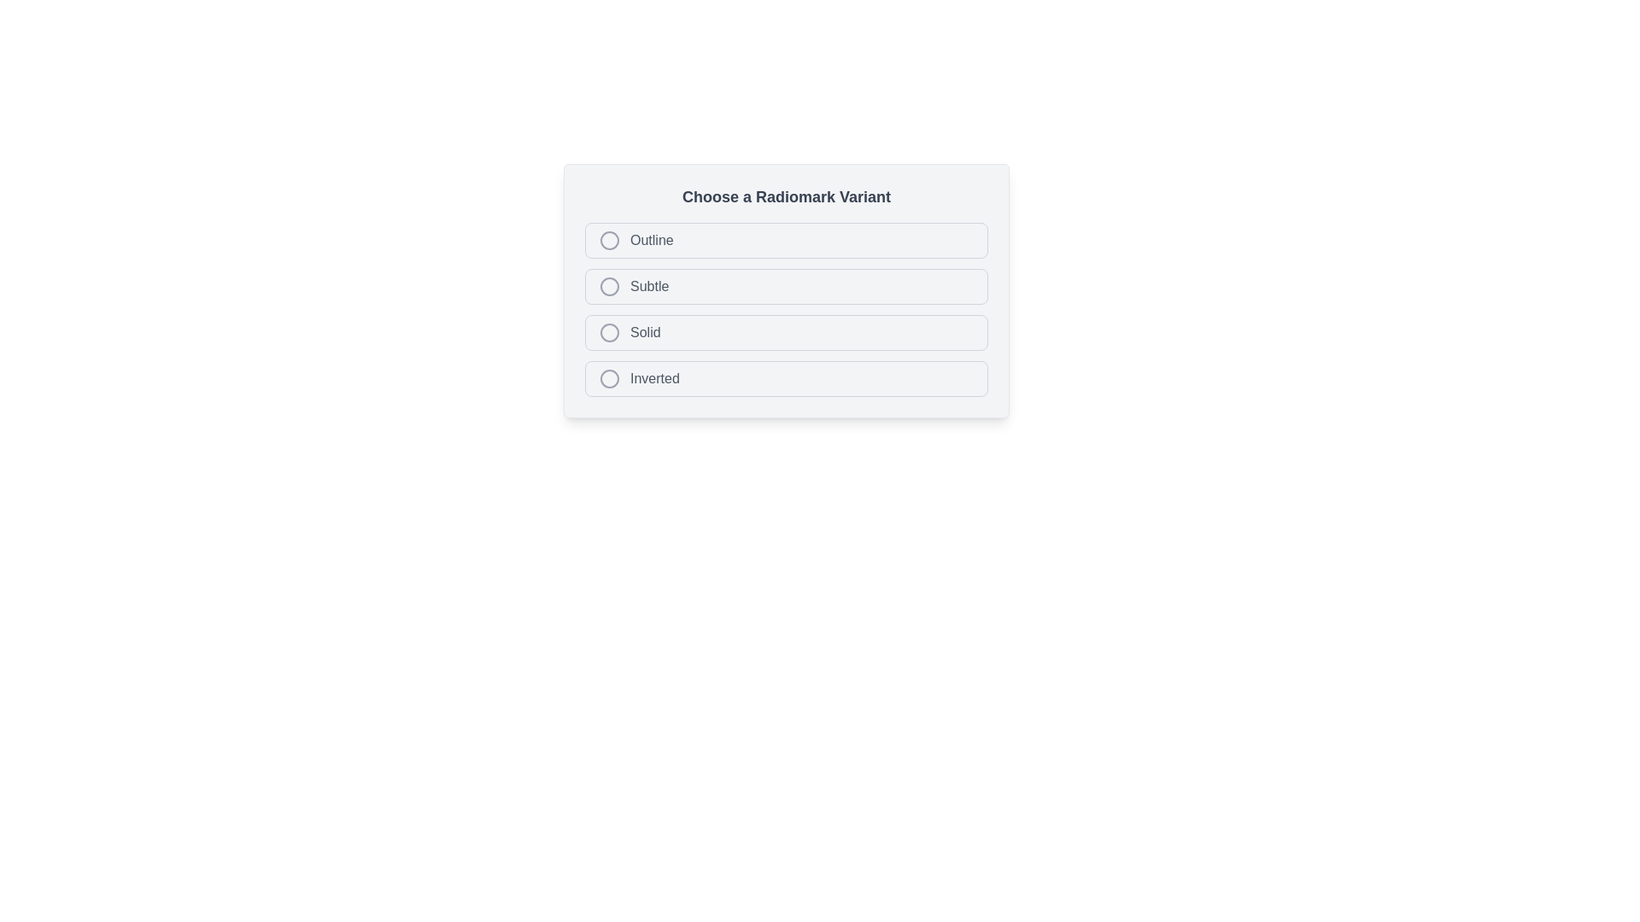 The height and width of the screenshot is (922, 1640). I want to click on the text label representing the first selectable option in the 'Choose a Radiomark Variant' form to trigger a visual effect, so click(651, 240).